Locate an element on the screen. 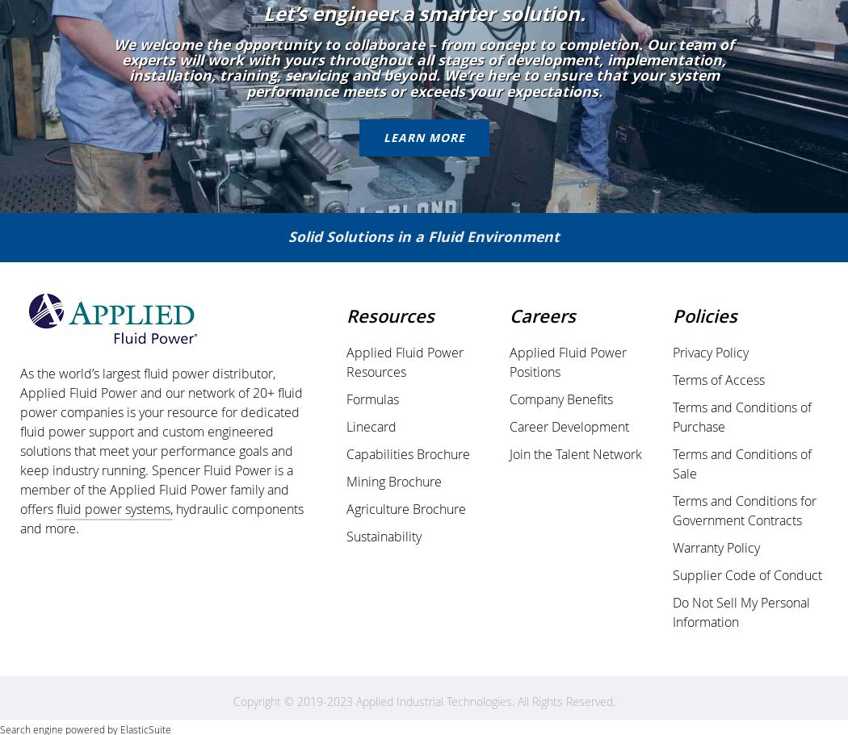 The width and height of the screenshot is (848, 735). 'Terms and Conditions of Purchase' is located at coordinates (741, 416).